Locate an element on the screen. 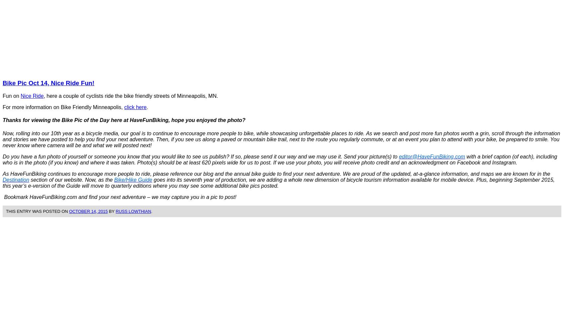 The height and width of the screenshot is (313, 564). 'Do you have a fun photo of yourself or someone you know that you would like to see us publish? If so, please send it our way and we may use it. Send your picture(s) to' is located at coordinates (200, 156).